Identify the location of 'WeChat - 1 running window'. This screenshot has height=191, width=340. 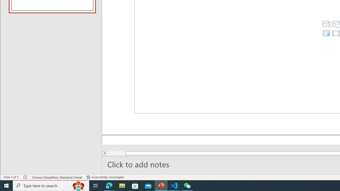
(187, 185).